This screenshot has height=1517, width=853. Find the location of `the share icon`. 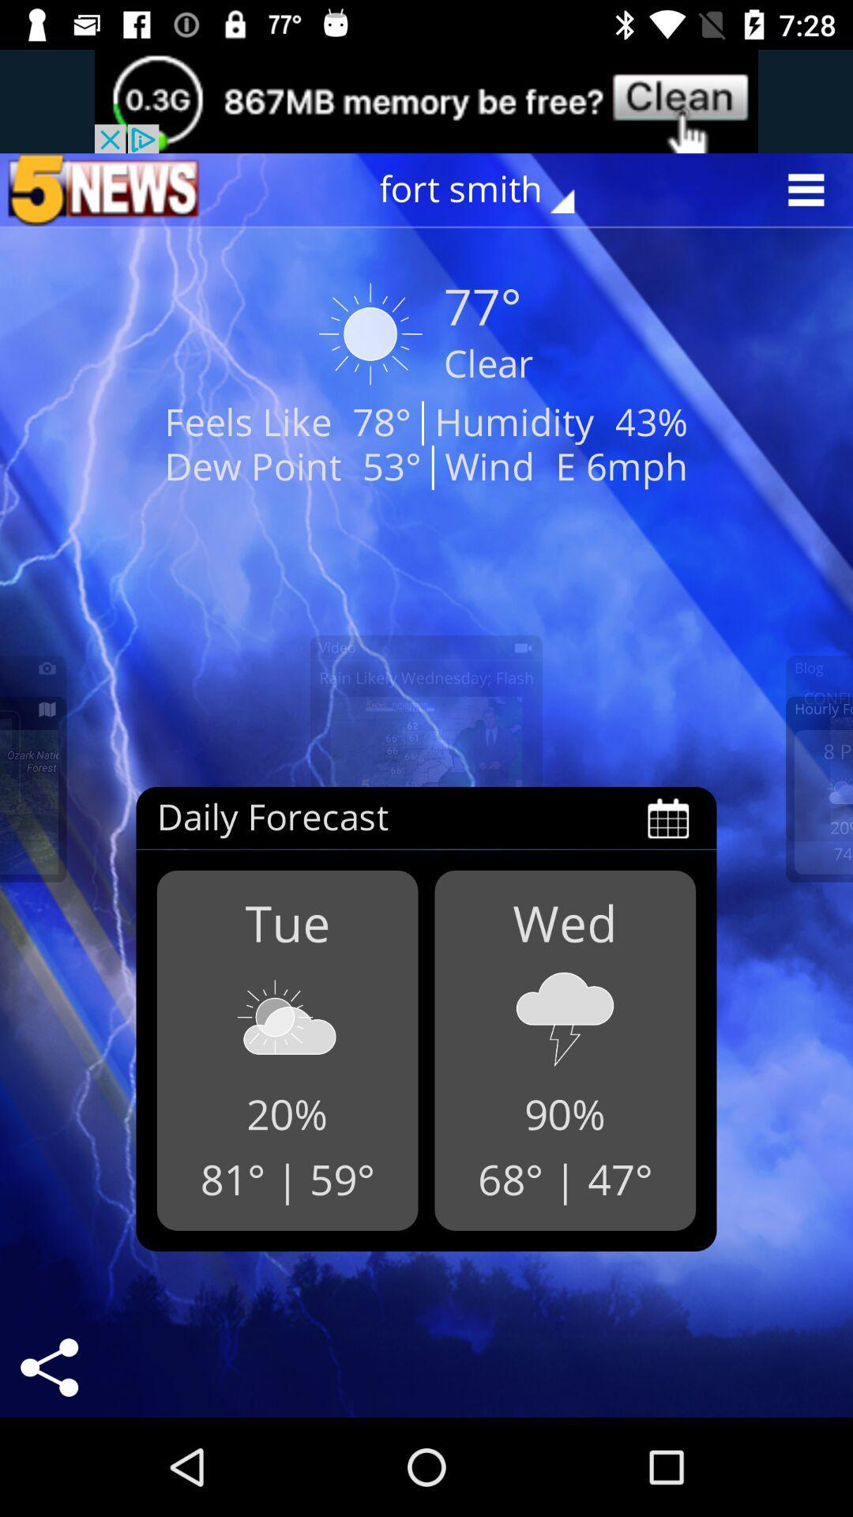

the share icon is located at coordinates (48, 1367).